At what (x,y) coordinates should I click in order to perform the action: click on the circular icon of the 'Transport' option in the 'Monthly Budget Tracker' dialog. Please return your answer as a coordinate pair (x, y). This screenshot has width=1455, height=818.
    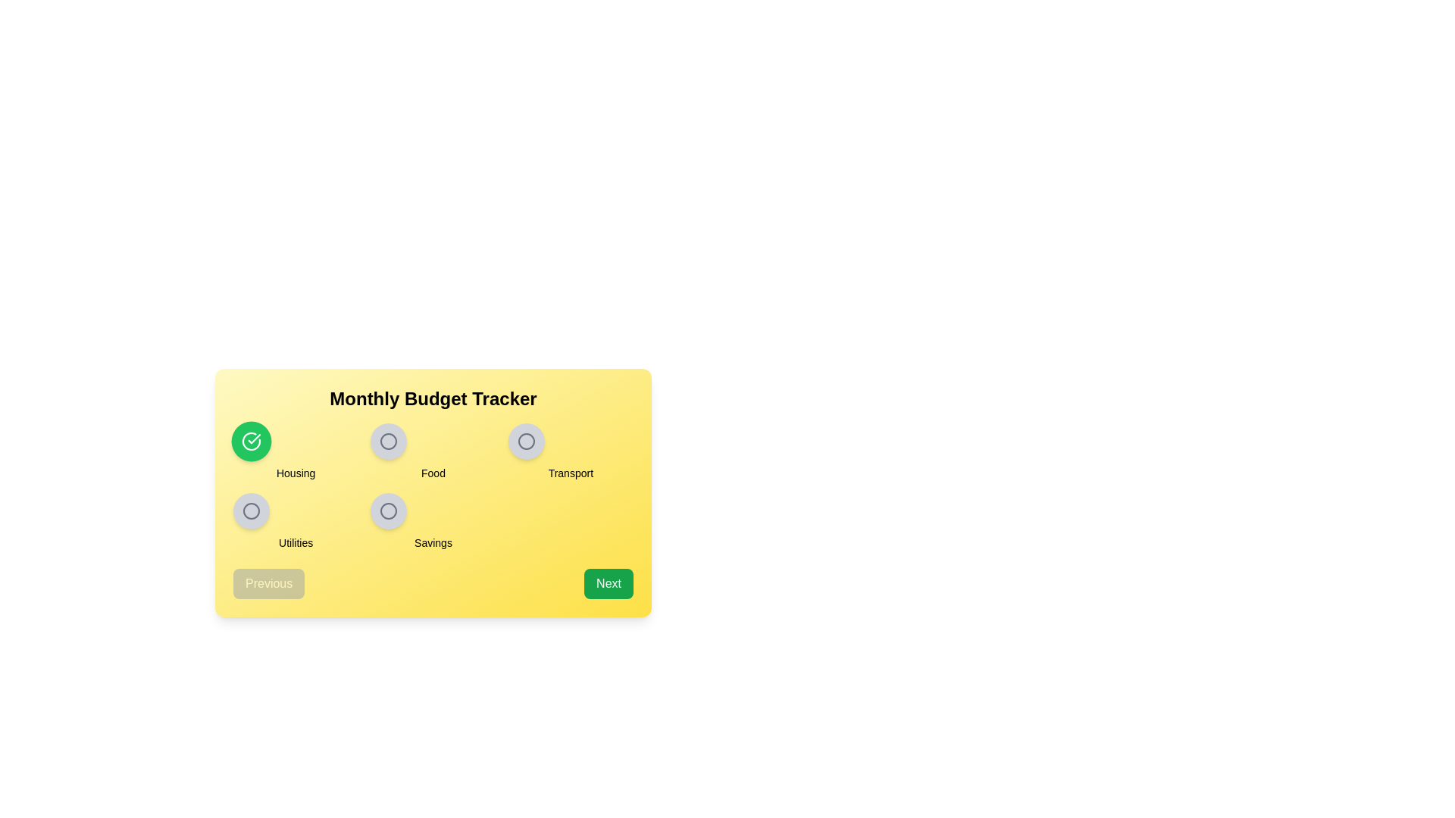
    Looking at the image, I should click on (526, 441).